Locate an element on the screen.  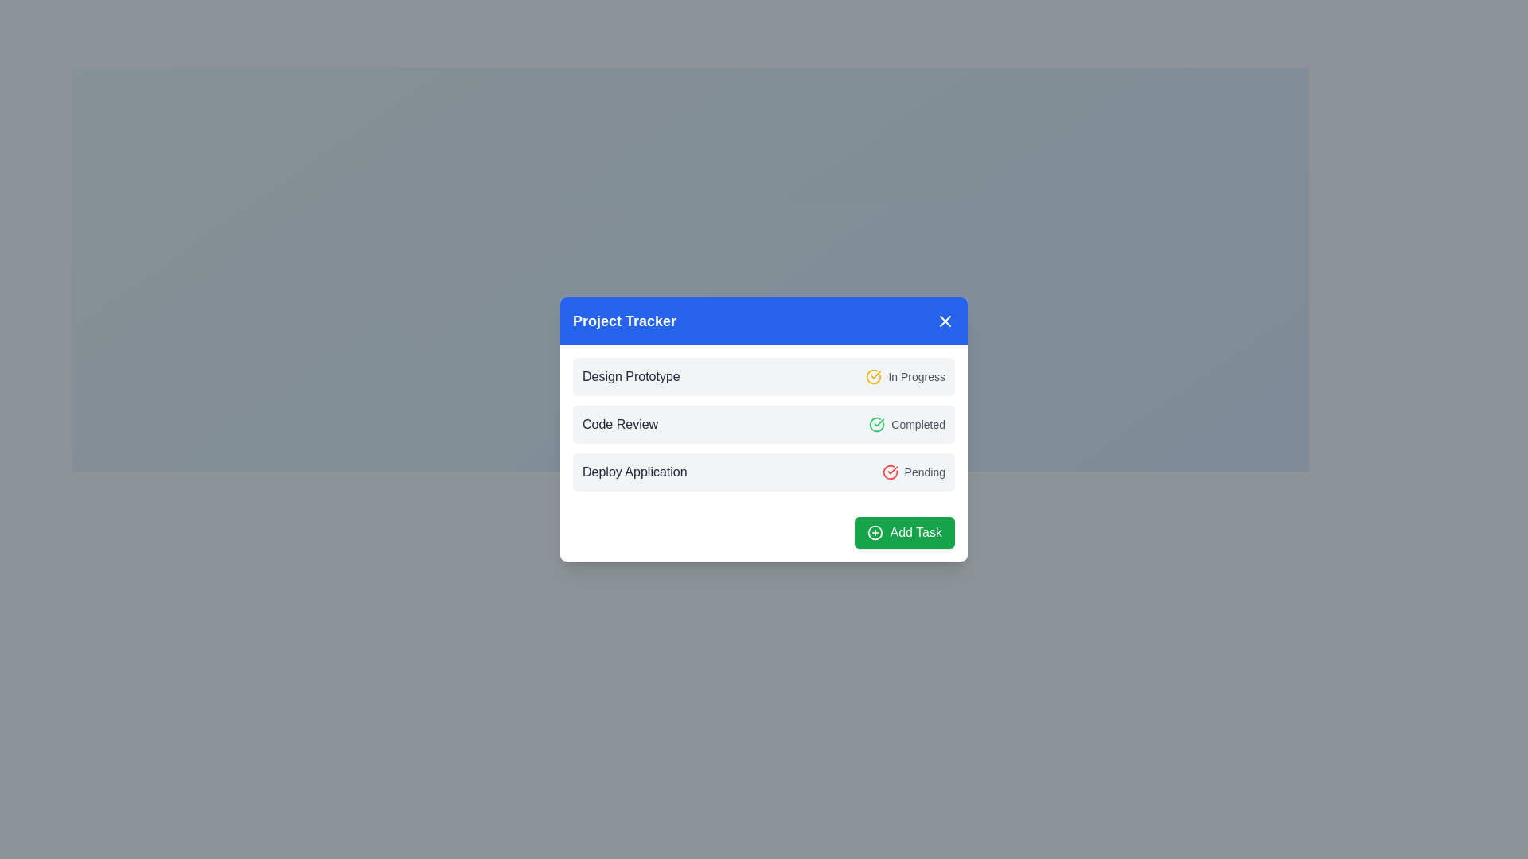
the 'Code Review' text label which provides information about a specific task, aligning horizontally with 'Completed' and an icon is located at coordinates (619, 423).